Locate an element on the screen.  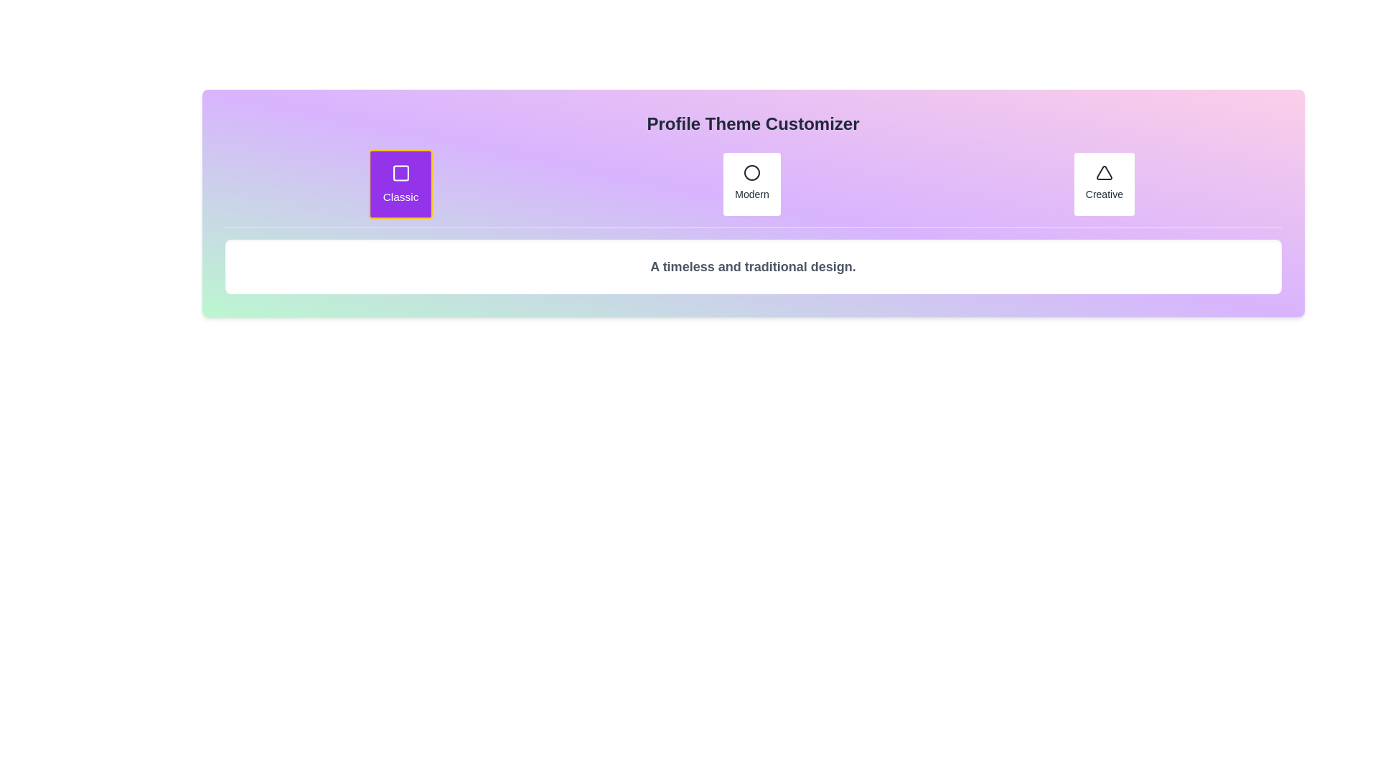
the square-shaped outline icon centered within the purple 'Classic' card in the 'Profile Theme Customizer' is located at coordinates (400, 172).